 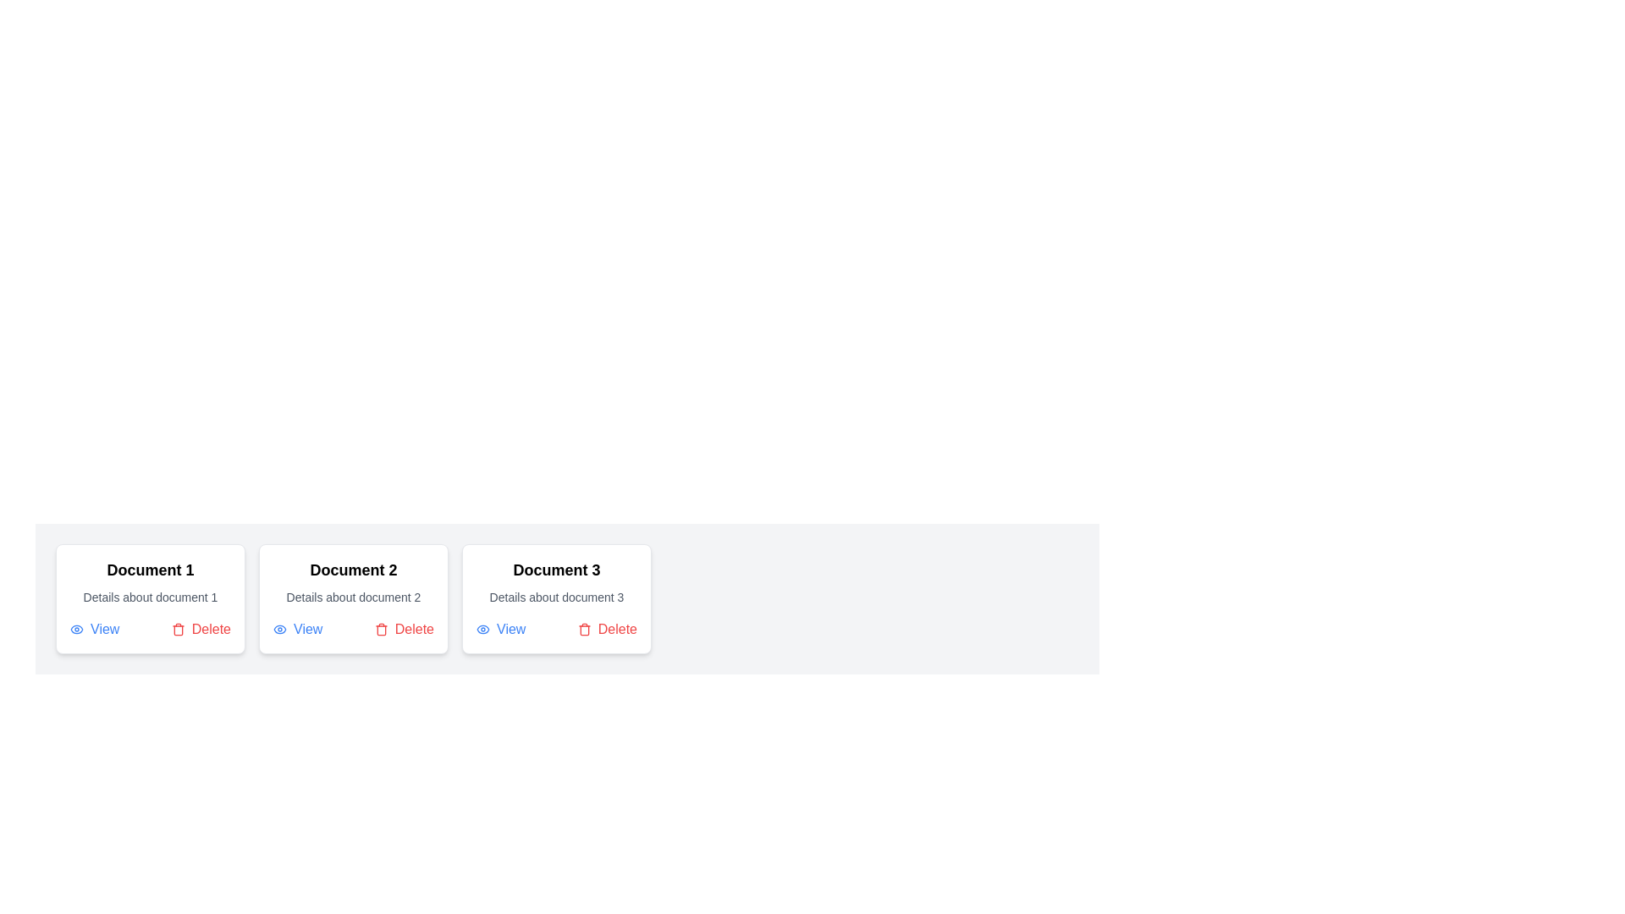 What do you see at coordinates (482, 630) in the screenshot?
I see `the outer lens of the eye-shaped icon within the 'Document 3' card, which is the rightmost card among three at the bottom of the interface` at bounding box center [482, 630].